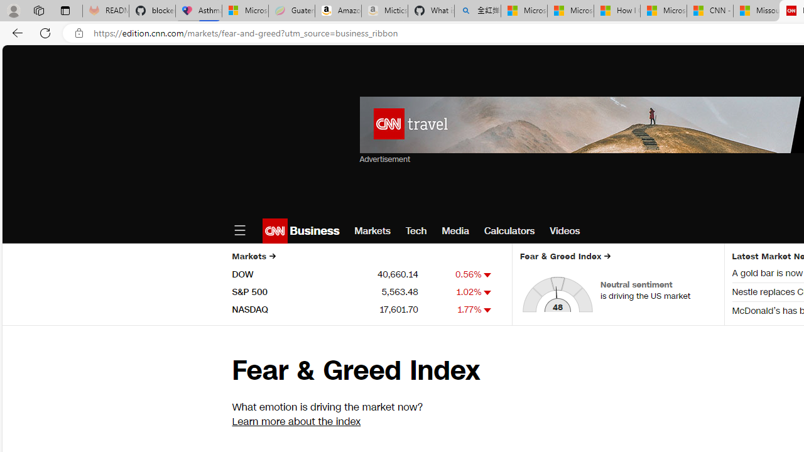 The width and height of the screenshot is (804, 452). I want to click on 'Media', so click(455, 230).